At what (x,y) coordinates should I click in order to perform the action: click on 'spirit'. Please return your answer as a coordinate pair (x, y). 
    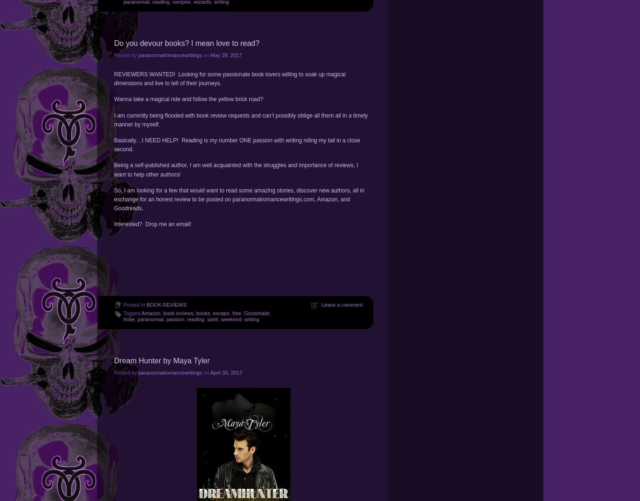
    Looking at the image, I should click on (212, 319).